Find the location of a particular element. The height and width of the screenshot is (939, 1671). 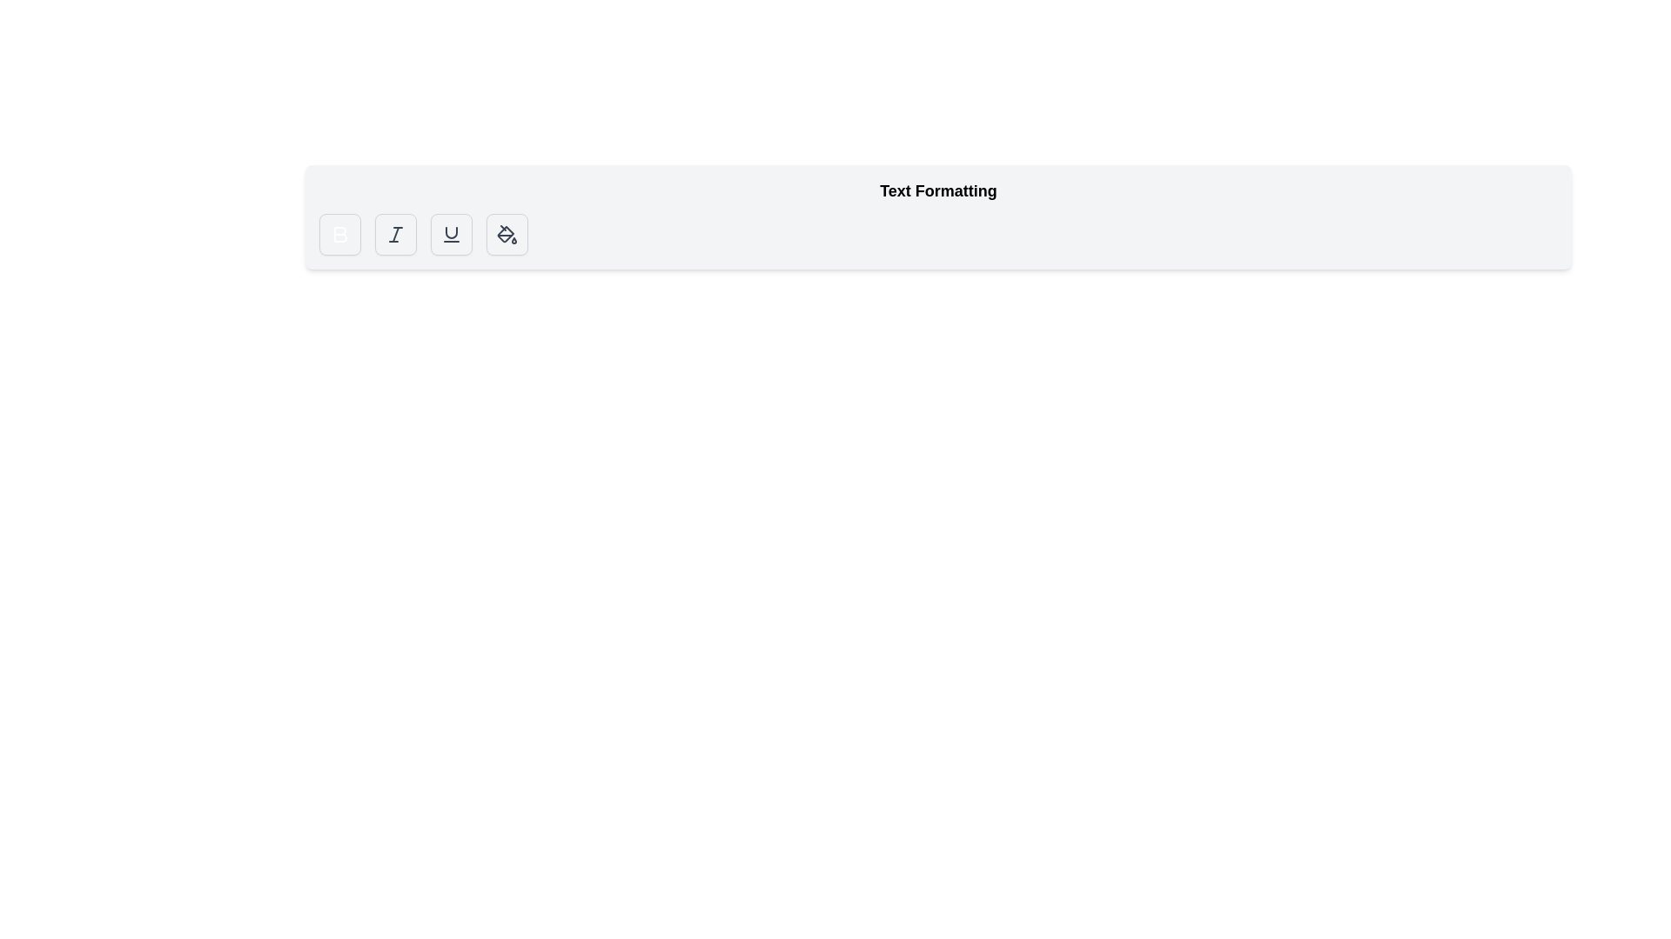

the first button in the toolbar that has a bold 'B' icon with a blue background and a white foreground icon is located at coordinates (339, 235).